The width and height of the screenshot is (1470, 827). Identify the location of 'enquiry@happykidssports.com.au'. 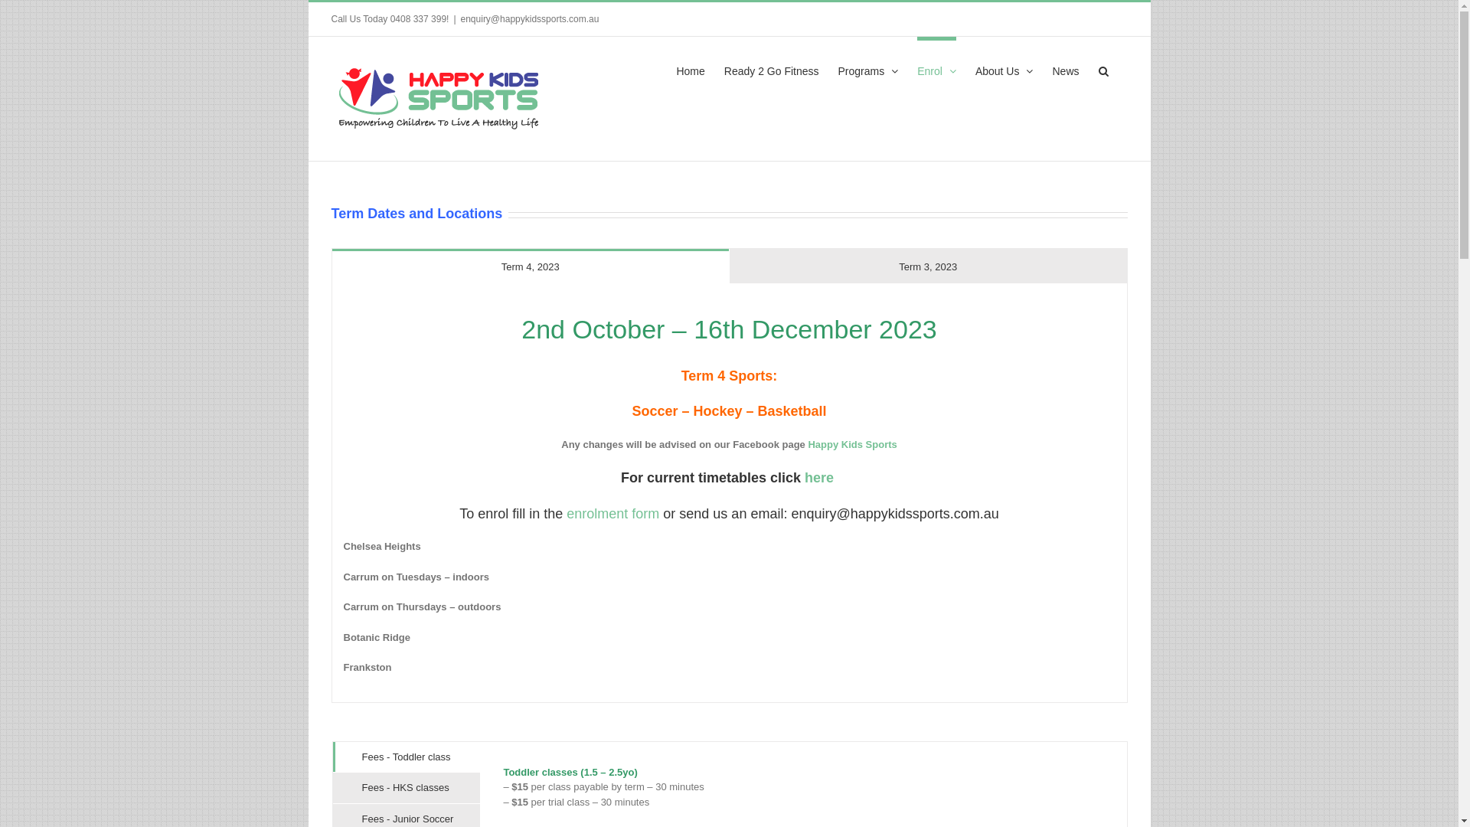
(459, 18).